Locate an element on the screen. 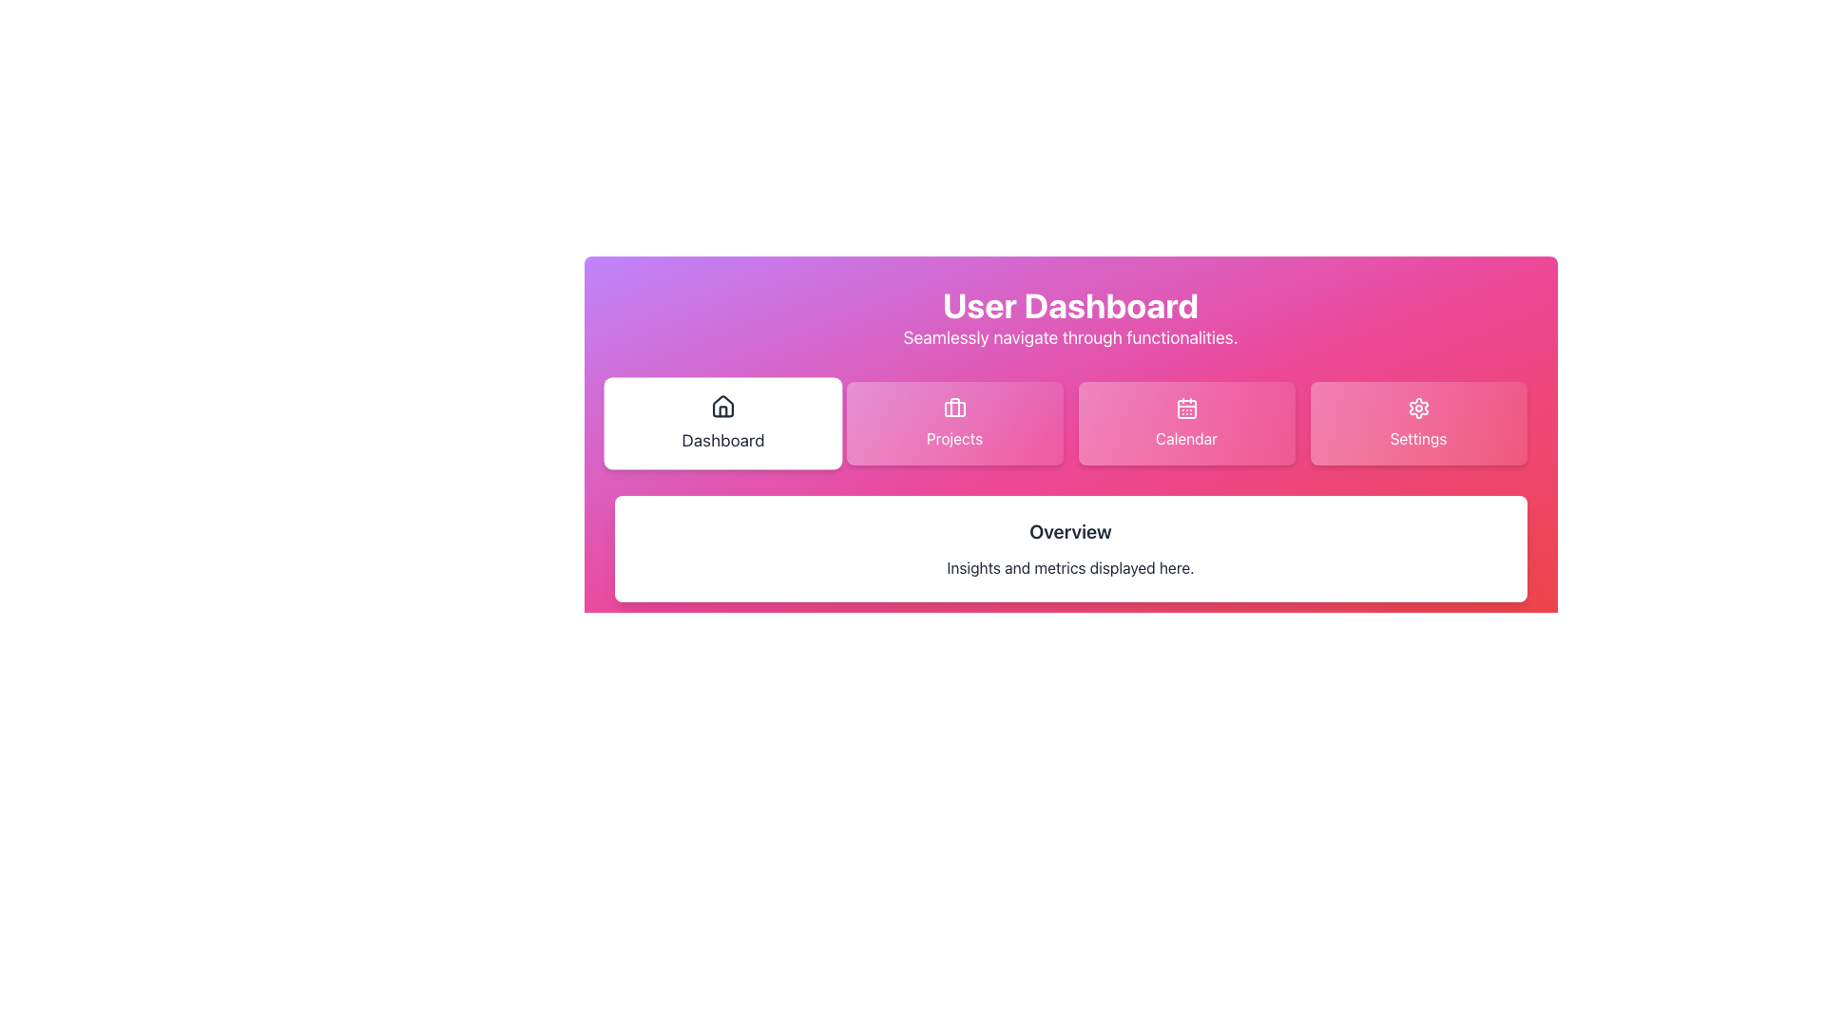  the calendar icon, which is a minimalist design with a rectangular boundary and small square markers, located in the top center navigation section above the 'Calendar' text is located at coordinates (1185, 407).